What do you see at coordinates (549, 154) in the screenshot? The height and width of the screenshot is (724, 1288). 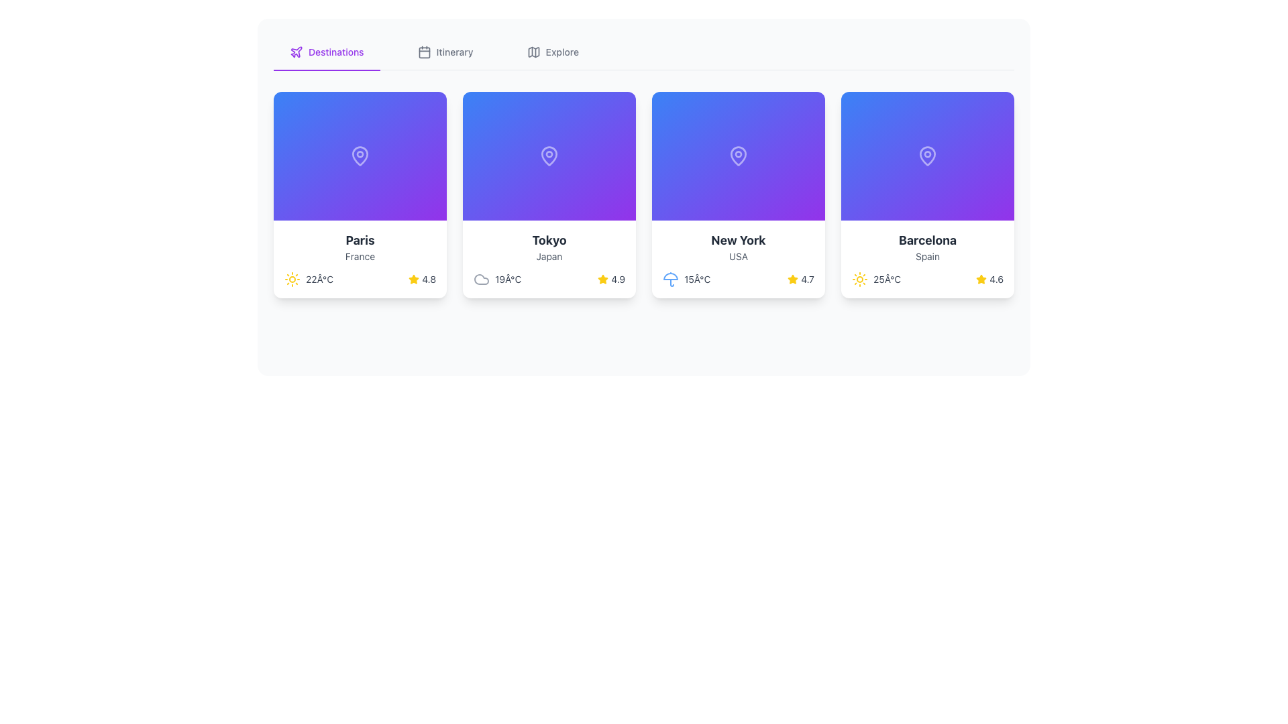 I see `pin icon representing Tokyo, Japan, located within the second card from the left in a horizontal array of four cards` at bounding box center [549, 154].